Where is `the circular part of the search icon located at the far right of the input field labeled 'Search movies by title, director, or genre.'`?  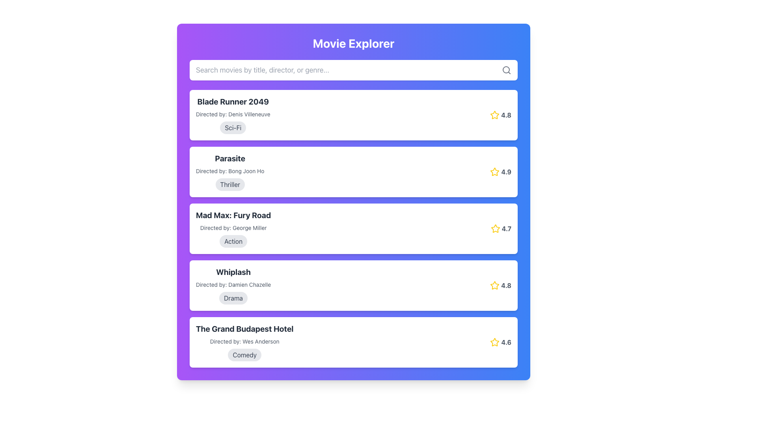 the circular part of the search icon located at the far right of the input field labeled 'Search movies by title, director, or genre.' is located at coordinates (506, 69).